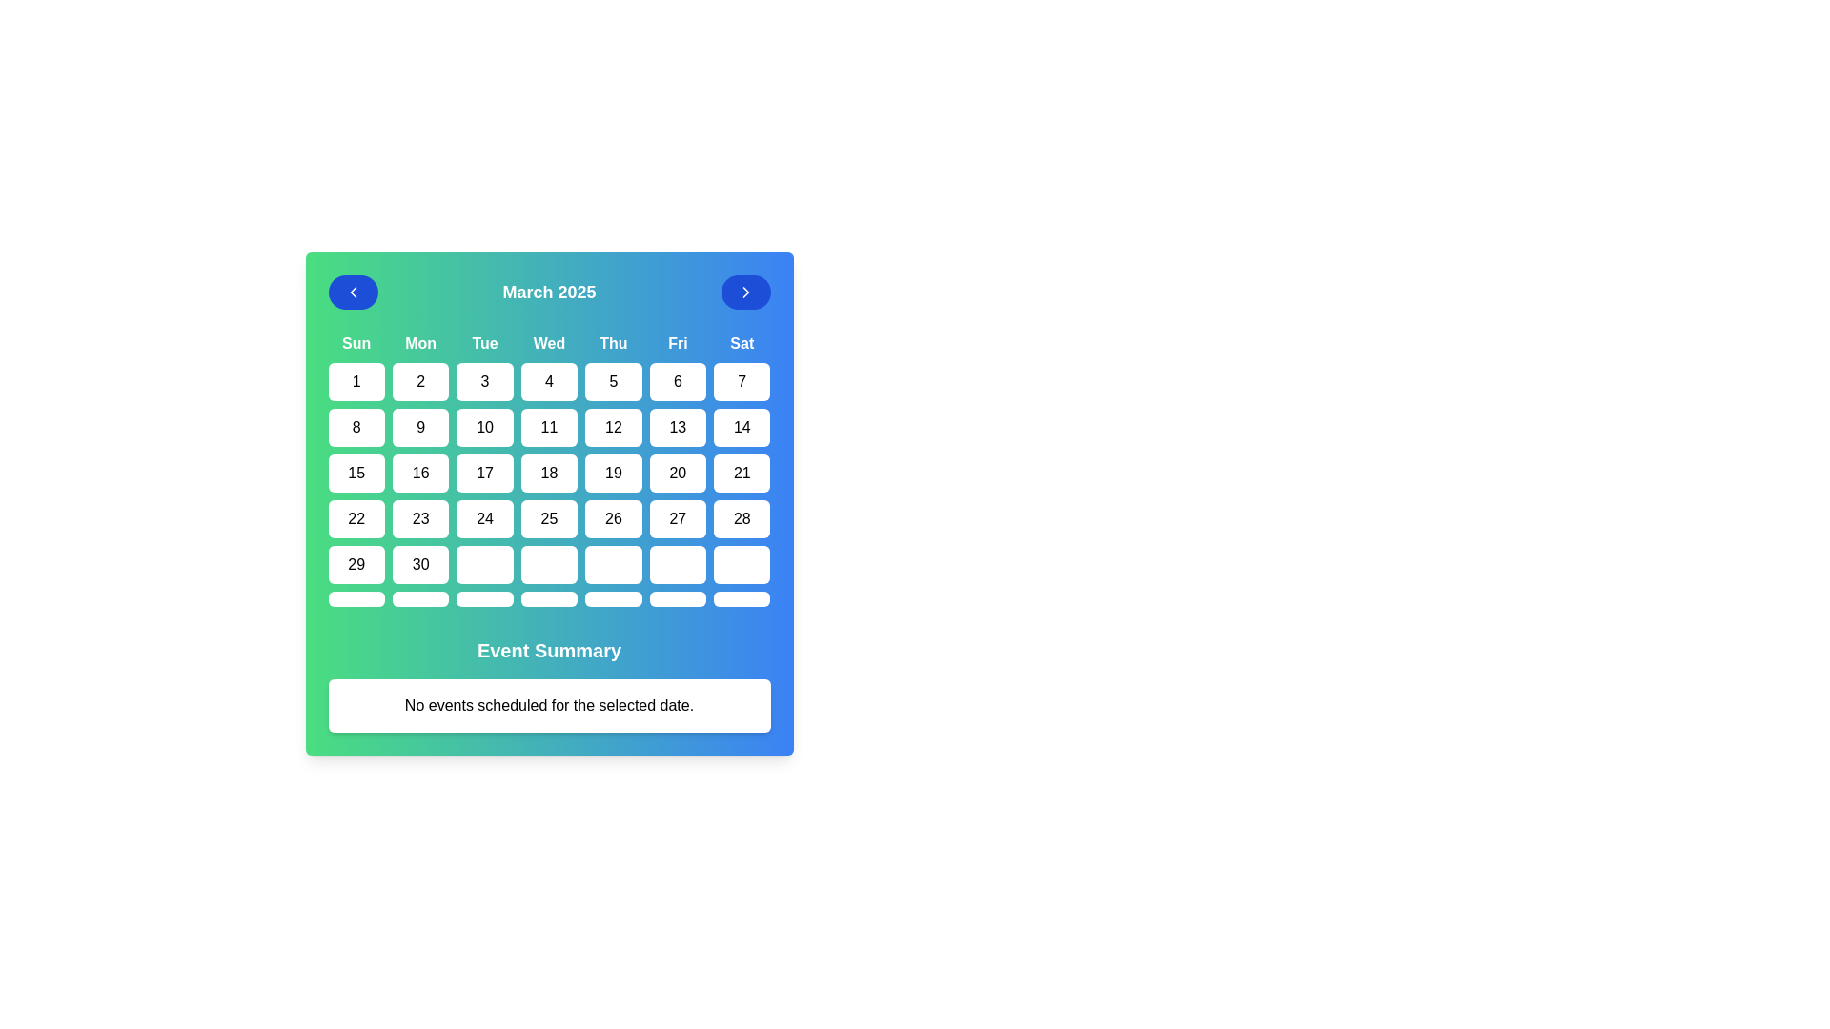  Describe the element at coordinates (678, 426) in the screenshot. I see `the button labeled '13' with a white background and black font, located` at that location.